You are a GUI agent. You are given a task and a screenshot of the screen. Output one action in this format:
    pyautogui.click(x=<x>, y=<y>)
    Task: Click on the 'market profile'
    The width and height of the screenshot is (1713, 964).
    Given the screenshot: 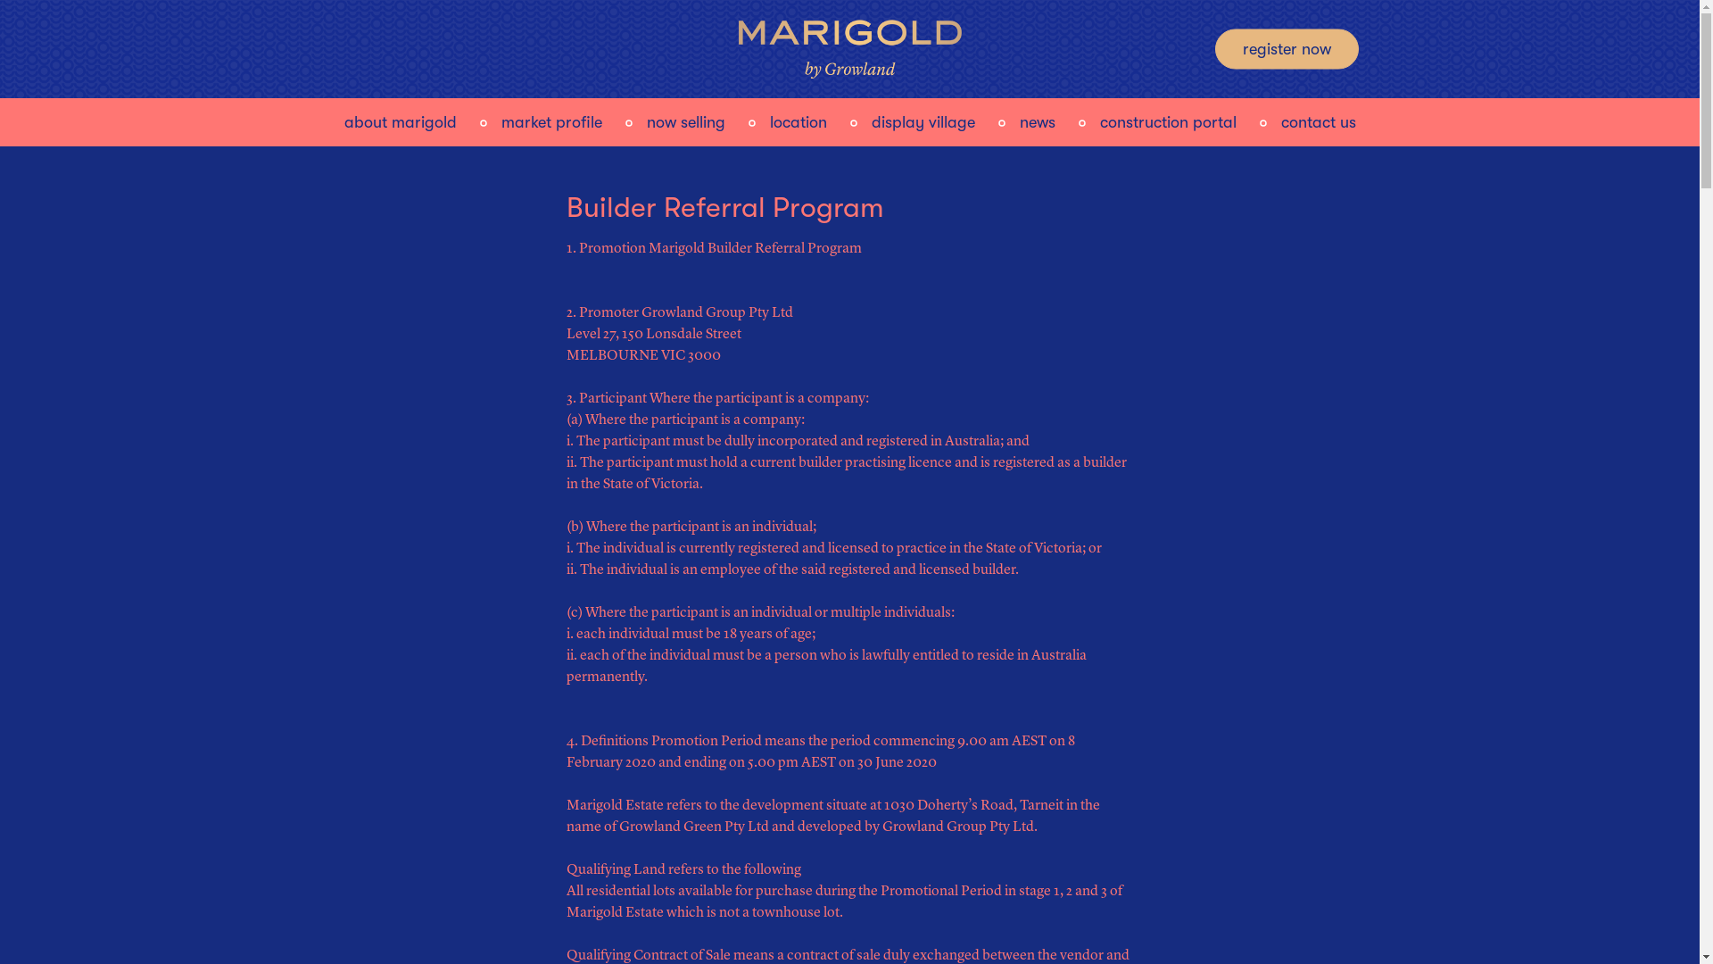 What is the action you would take?
    pyautogui.click(x=550, y=119)
    